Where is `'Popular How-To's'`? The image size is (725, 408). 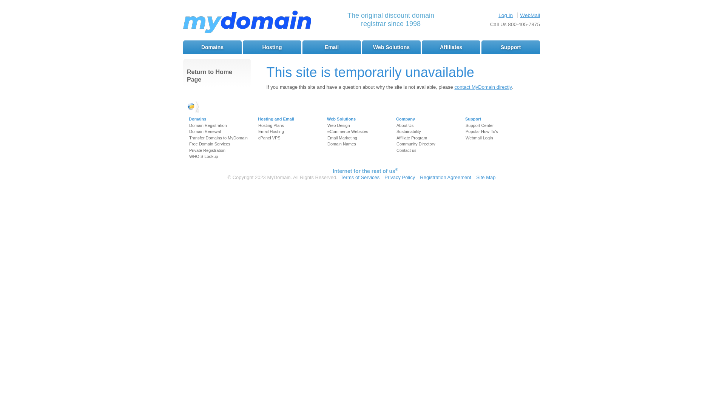
'Popular How-To's' is located at coordinates (481, 131).